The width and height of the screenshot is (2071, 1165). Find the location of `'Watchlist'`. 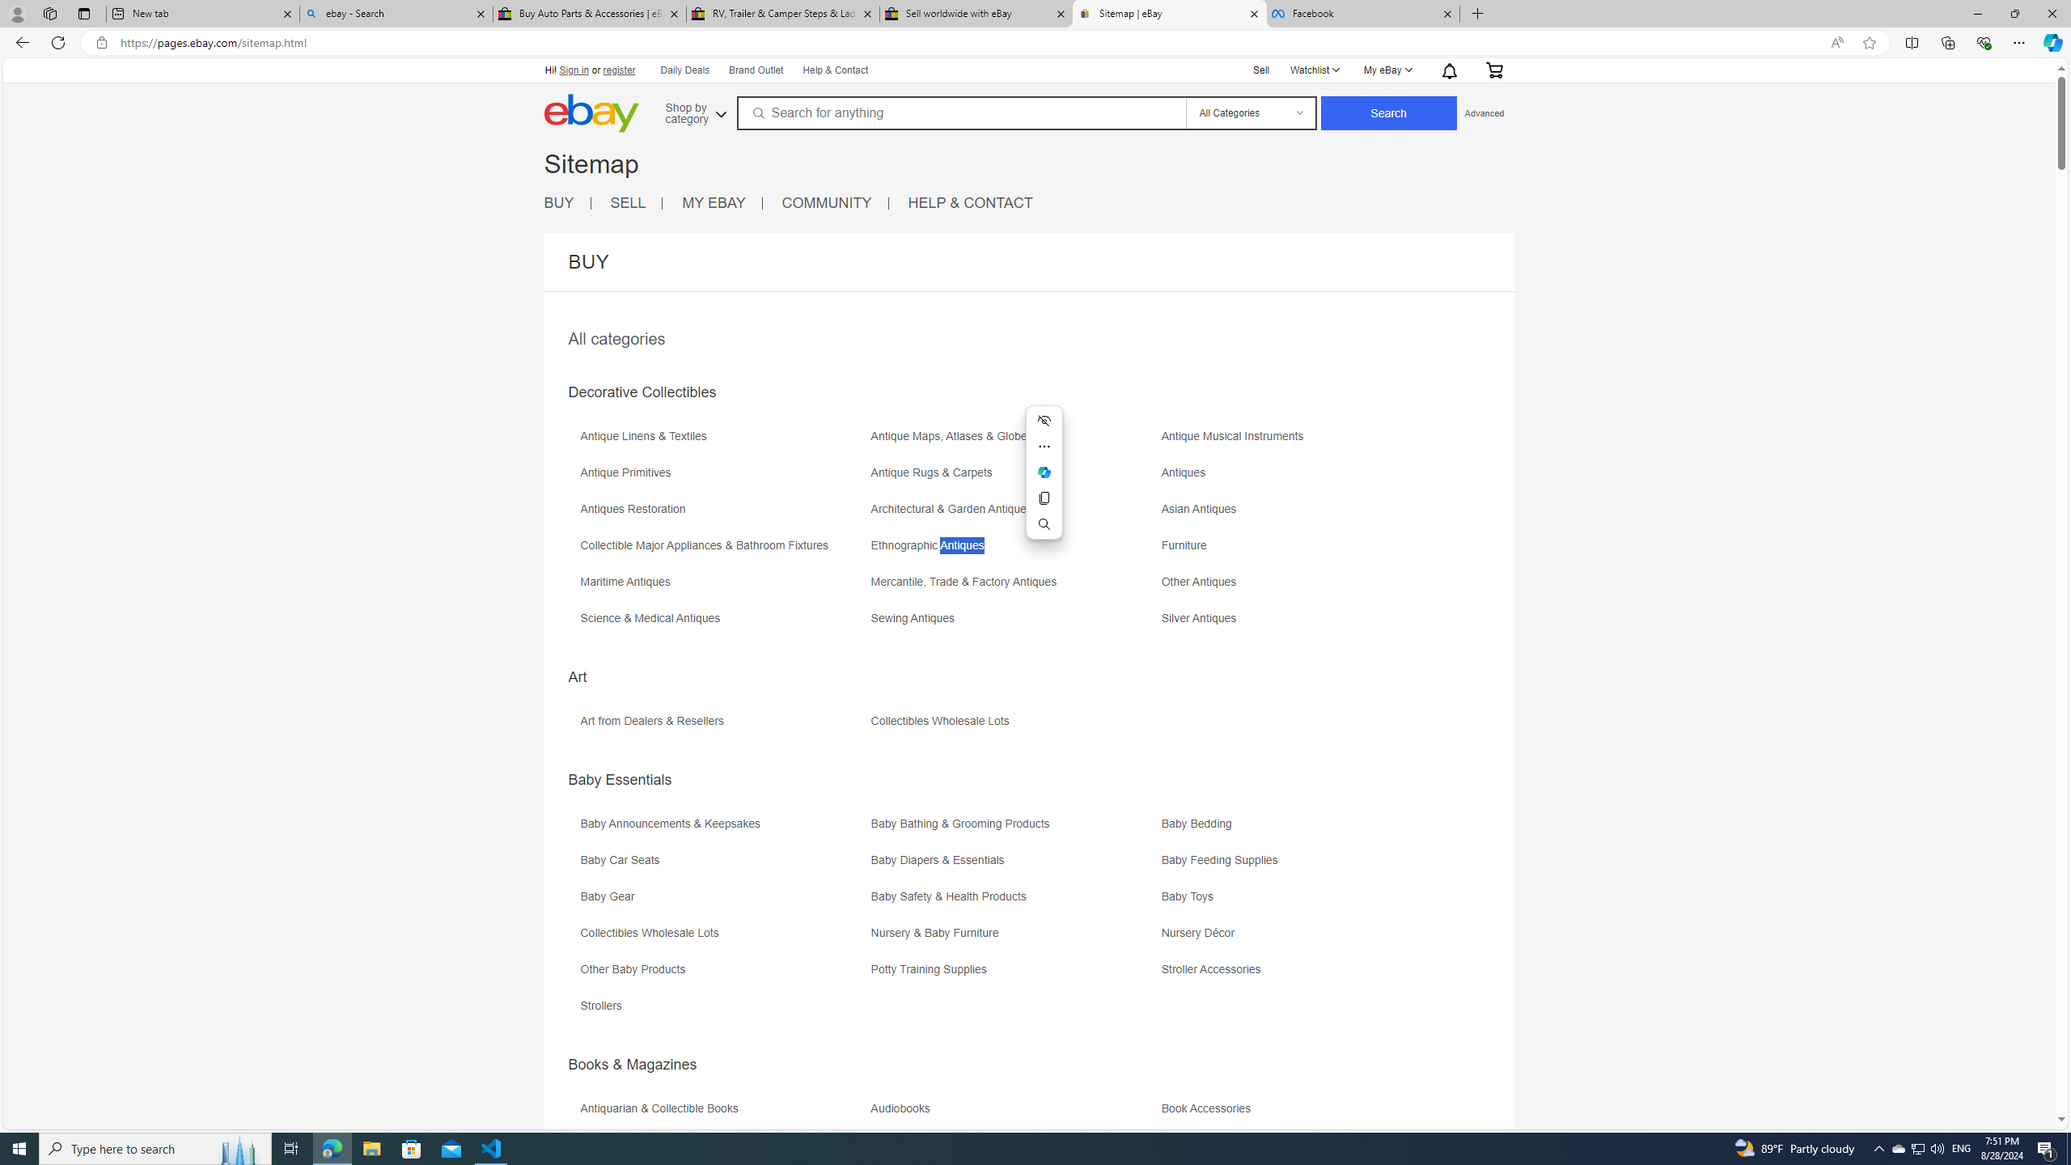

'Watchlist' is located at coordinates (1313, 70).